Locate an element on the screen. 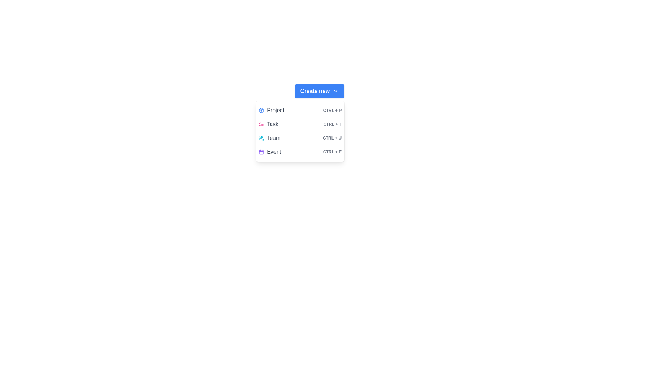 The width and height of the screenshot is (663, 373). the Text Label displaying the keyboard shortcut 'Ctrl + T' associated with the 'Task' option in the menu, located on the right side of the 'Task' row is located at coordinates (332, 124).